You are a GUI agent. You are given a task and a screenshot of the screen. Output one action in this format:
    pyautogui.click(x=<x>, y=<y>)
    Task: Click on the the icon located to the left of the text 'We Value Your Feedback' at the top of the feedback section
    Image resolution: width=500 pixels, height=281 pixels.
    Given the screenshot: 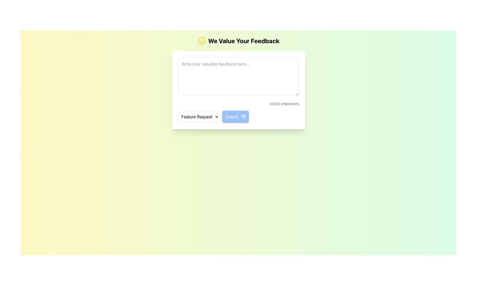 What is the action you would take?
    pyautogui.click(x=202, y=41)
    